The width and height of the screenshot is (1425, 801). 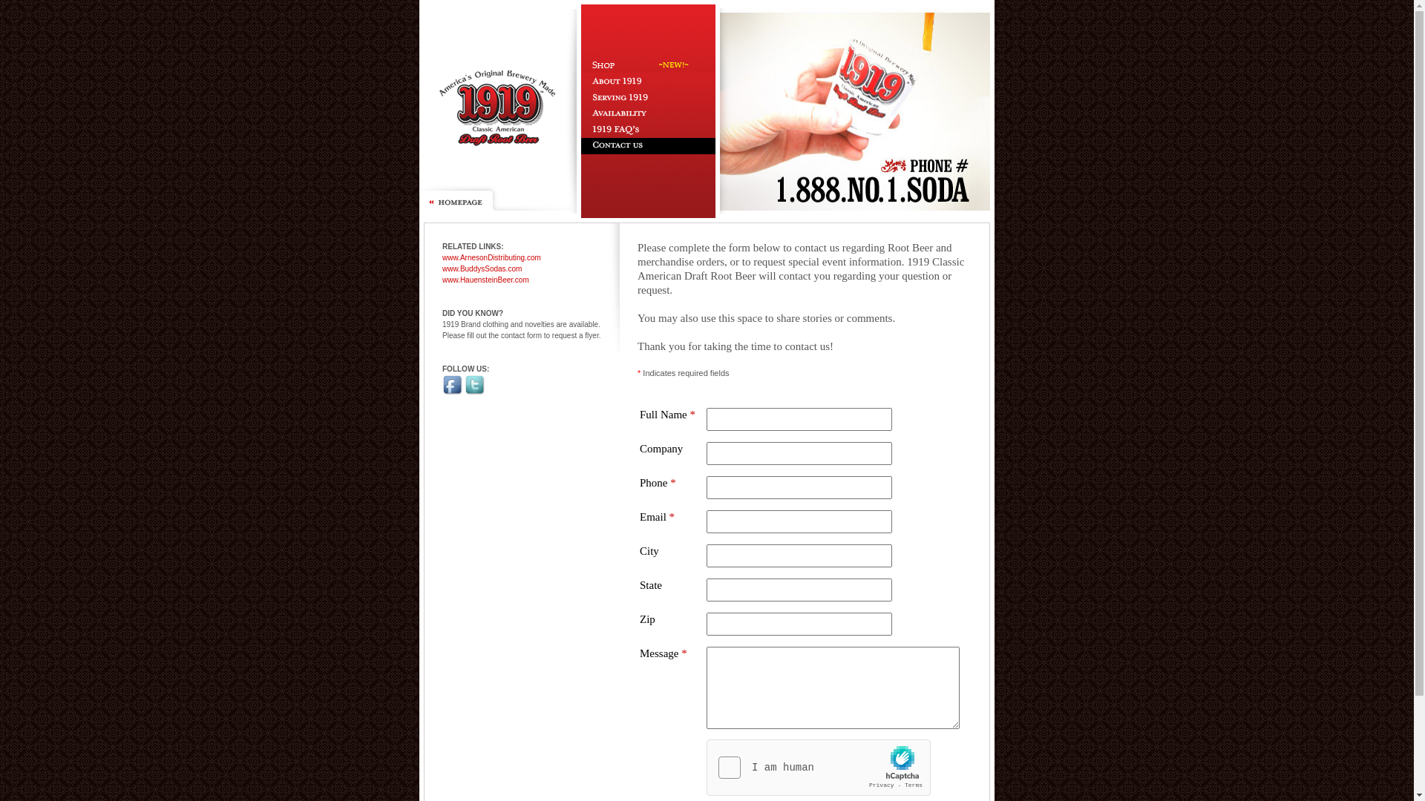 What do you see at coordinates (818, 768) in the screenshot?
I see `'Widget containing checkbox for hCaptcha security challenge'` at bounding box center [818, 768].